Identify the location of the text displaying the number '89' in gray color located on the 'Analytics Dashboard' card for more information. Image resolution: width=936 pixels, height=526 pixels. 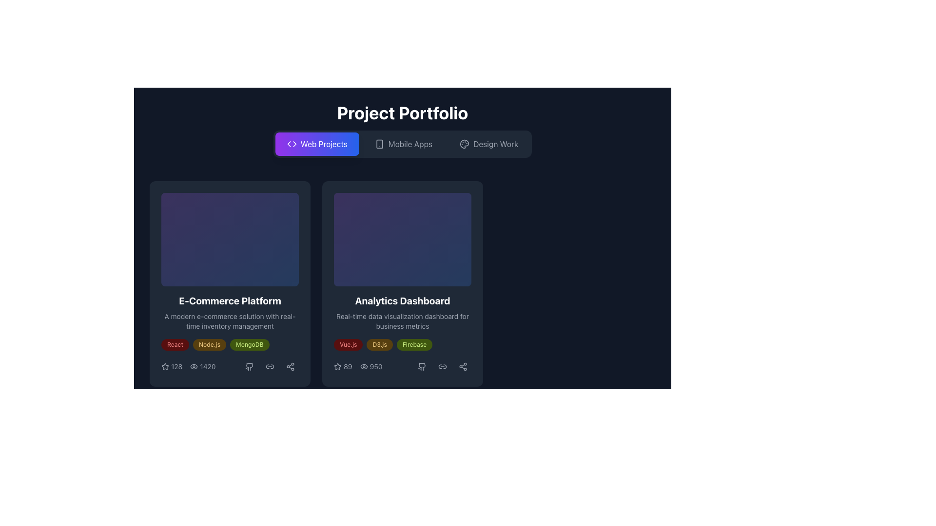
(348, 366).